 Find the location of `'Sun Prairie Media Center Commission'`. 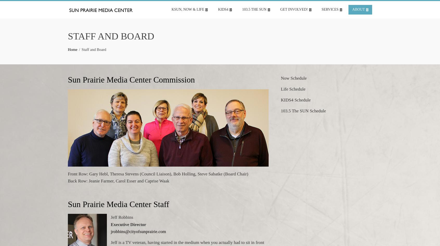

'Sun Prairie Media Center Commission' is located at coordinates (131, 79).